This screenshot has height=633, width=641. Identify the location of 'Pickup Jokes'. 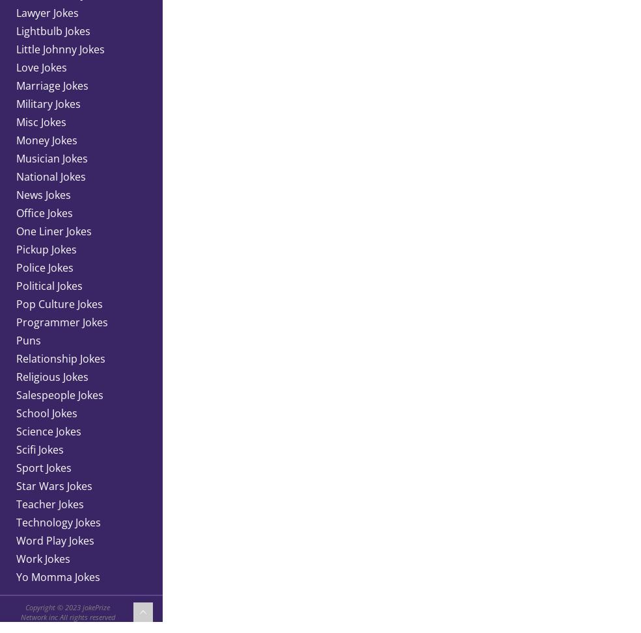
(46, 248).